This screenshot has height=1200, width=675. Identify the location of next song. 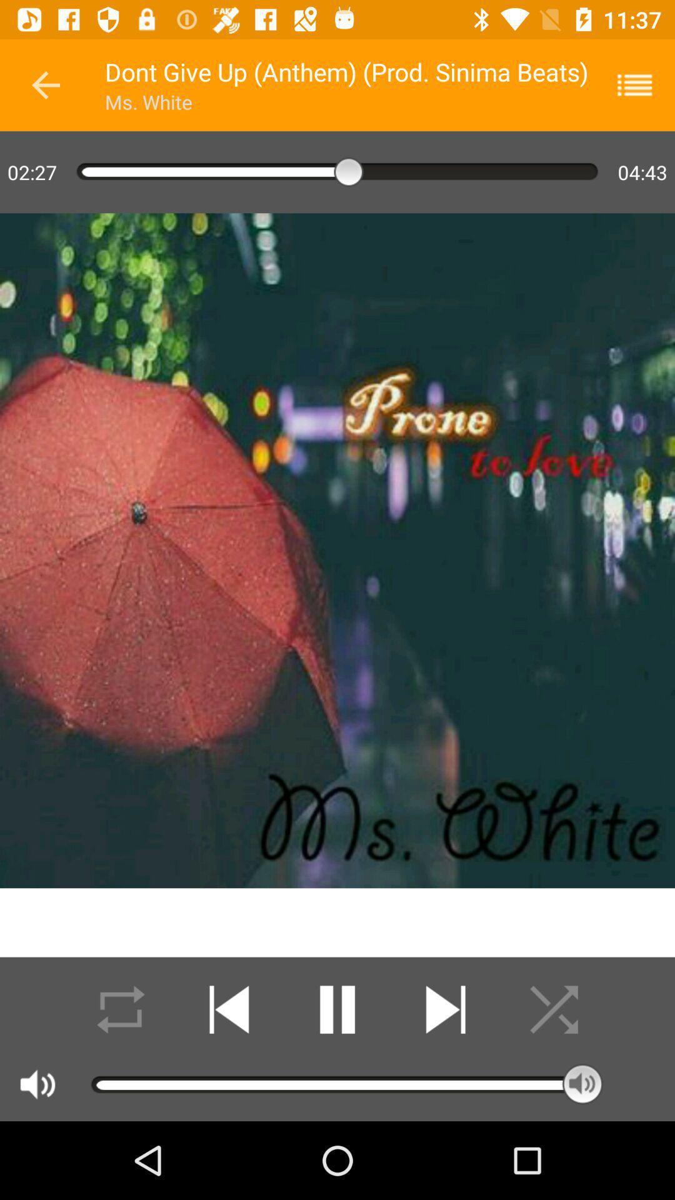
(445, 1009).